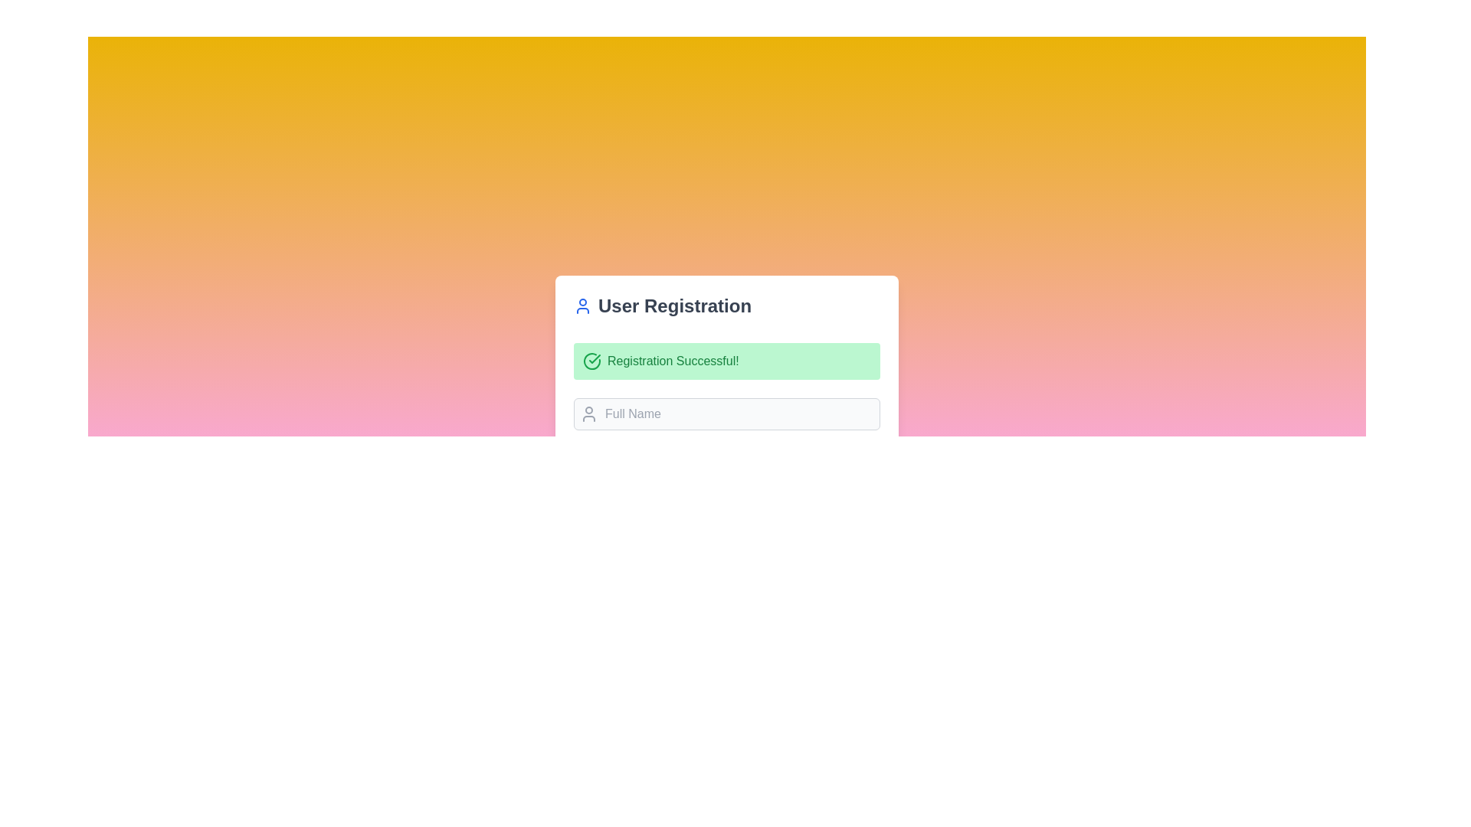  What do you see at coordinates (726, 361) in the screenshot?
I see `the notification banner that displays the message 'Registration Successful!' with a light green background and a checkmark icon, located below the 'User Registration' header` at bounding box center [726, 361].